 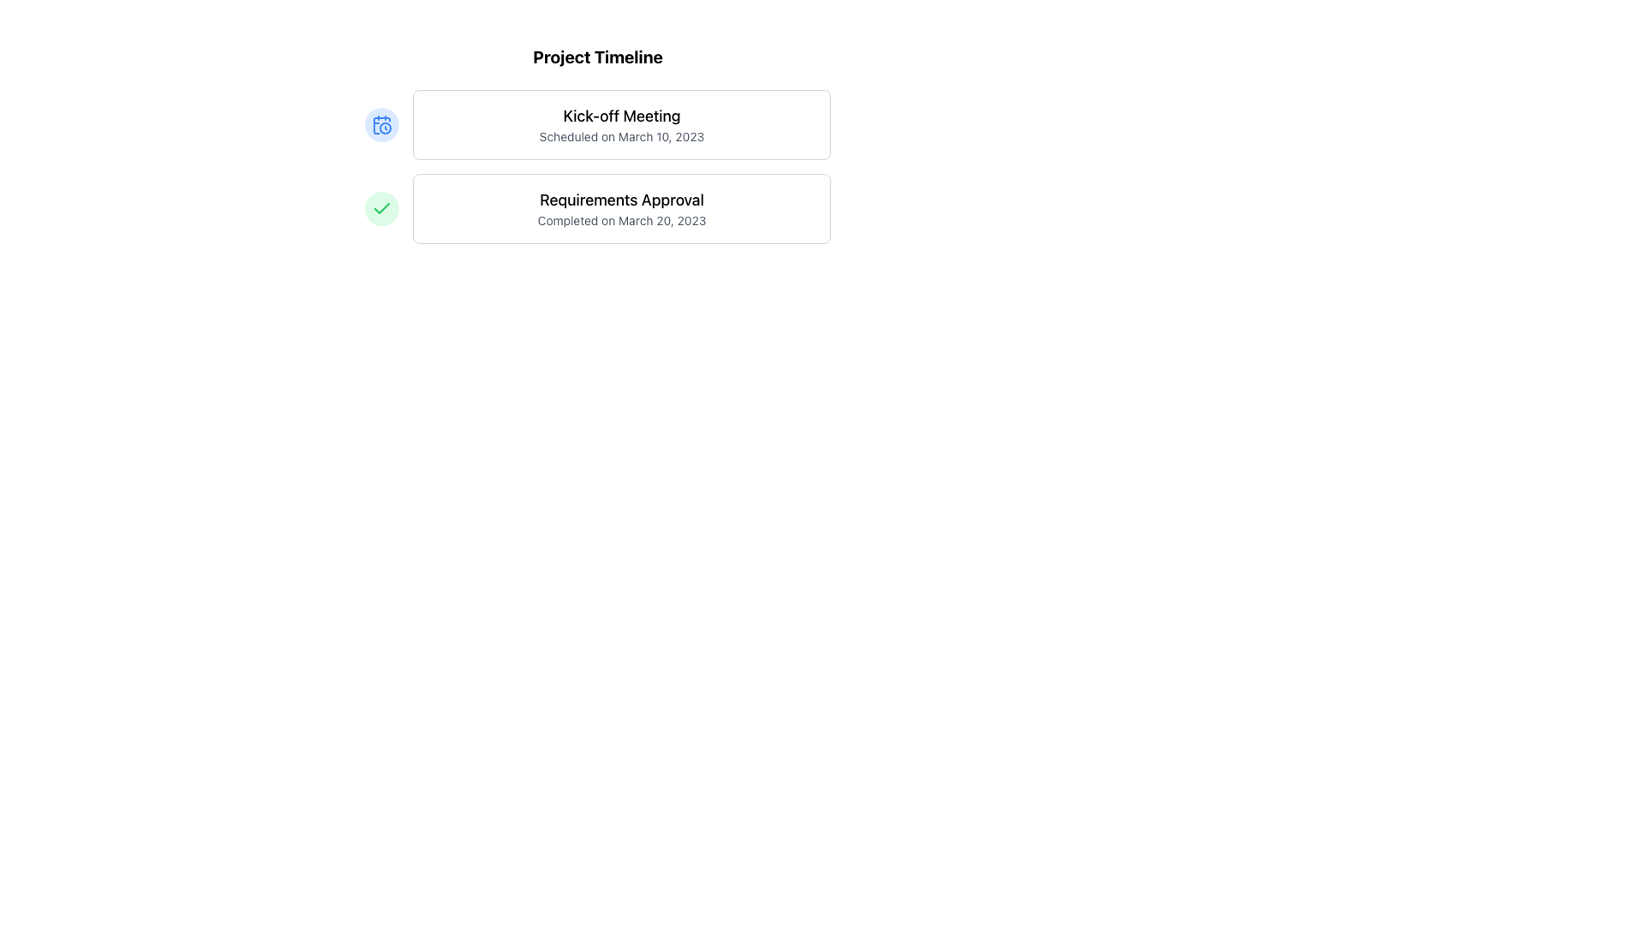 I want to click on contents of the Text Label that provides additional information about the completion date of the 'Requirements Approval' milestone, positioned below the title in the timeline interface, so click(x=620, y=220).